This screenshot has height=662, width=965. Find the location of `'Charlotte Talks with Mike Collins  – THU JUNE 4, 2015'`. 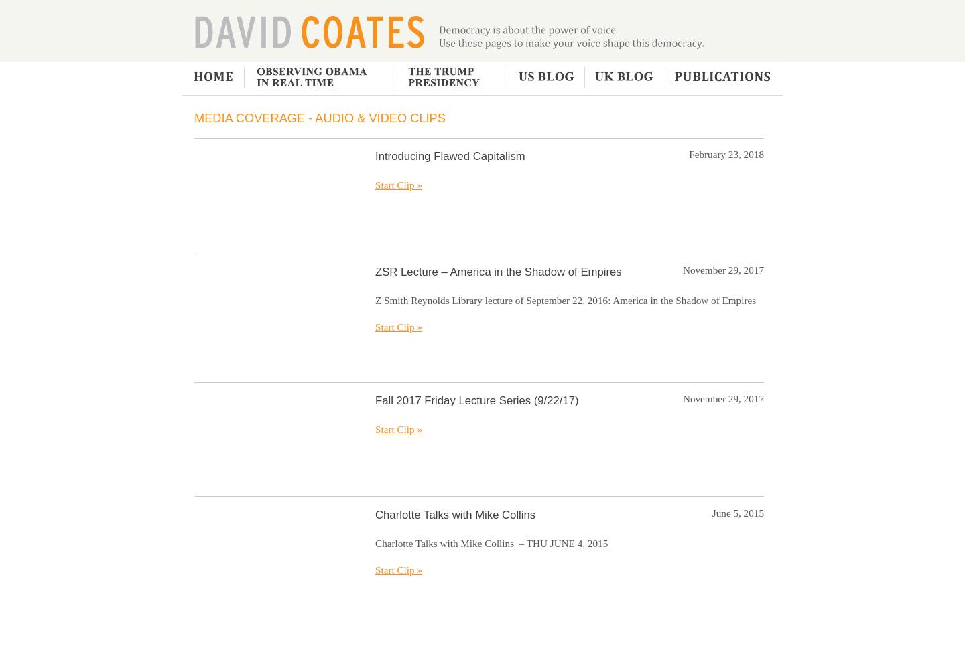

'Charlotte Talks with Mike Collins  – THU JUNE 4, 2015' is located at coordinates (491, 542).